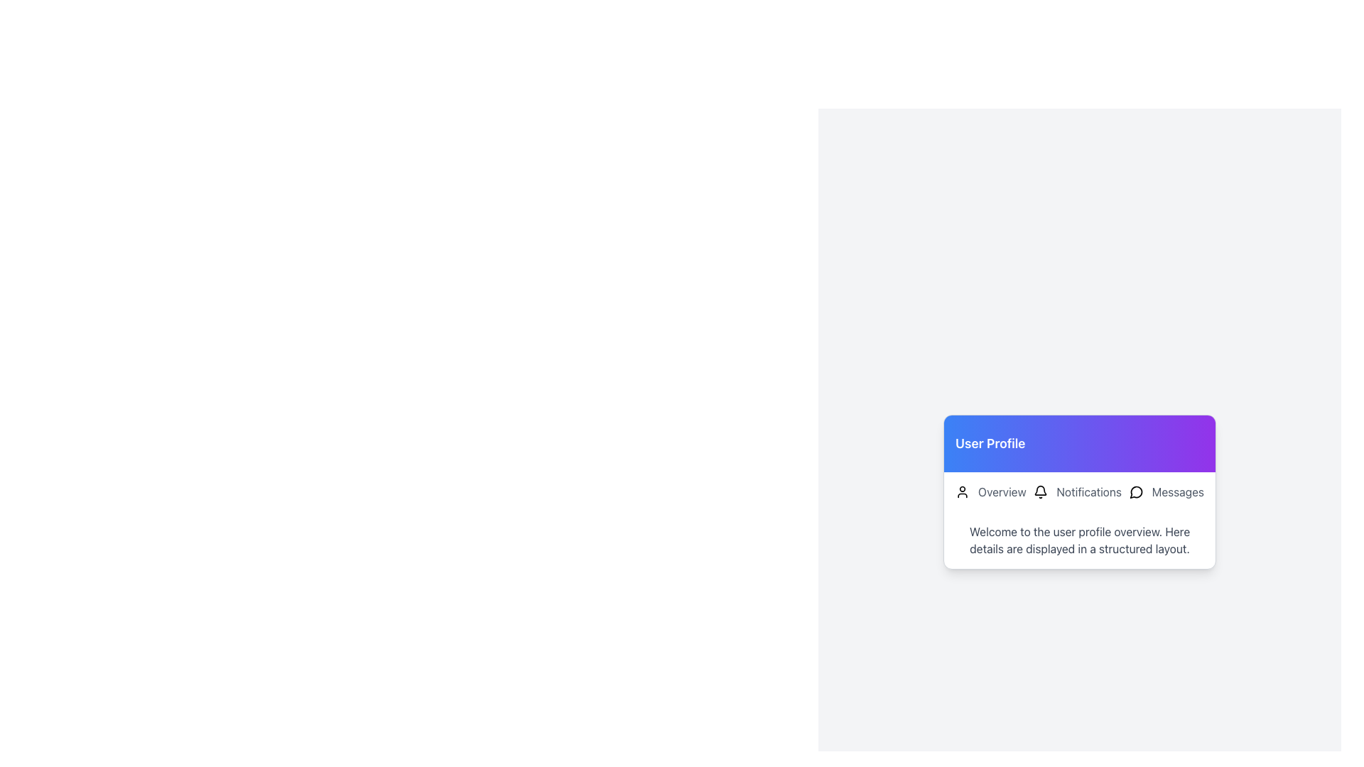  Describe the element at coordinates (1177, 491) in the screenshot. I see `the informational label or button indicating messaging features, located in the upper-right area of the menu, adjacent to the Notifications label and icon` at that location.